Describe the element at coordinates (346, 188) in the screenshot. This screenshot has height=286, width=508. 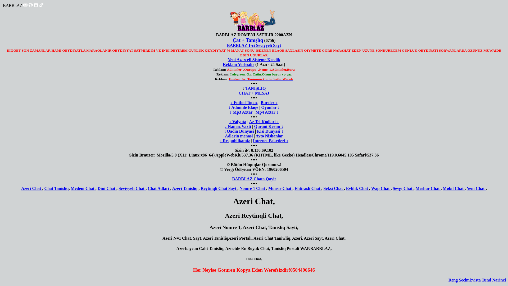
I see `'Evlilik Chat'` at that location.